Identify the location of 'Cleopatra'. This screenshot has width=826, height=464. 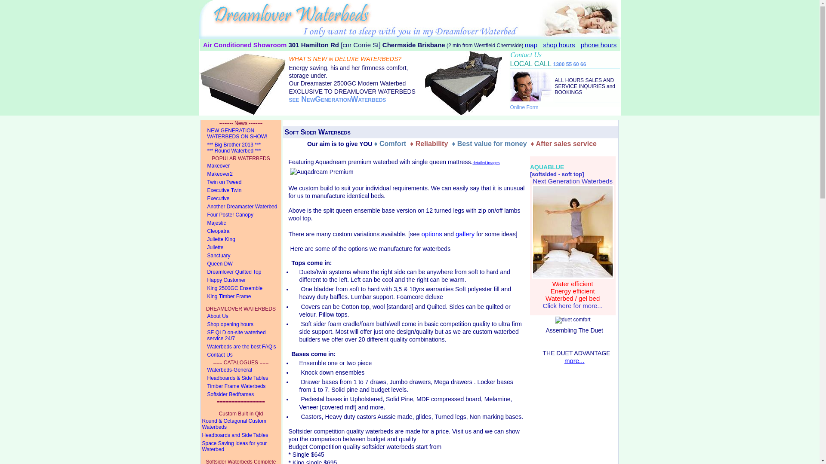
(200, 231).